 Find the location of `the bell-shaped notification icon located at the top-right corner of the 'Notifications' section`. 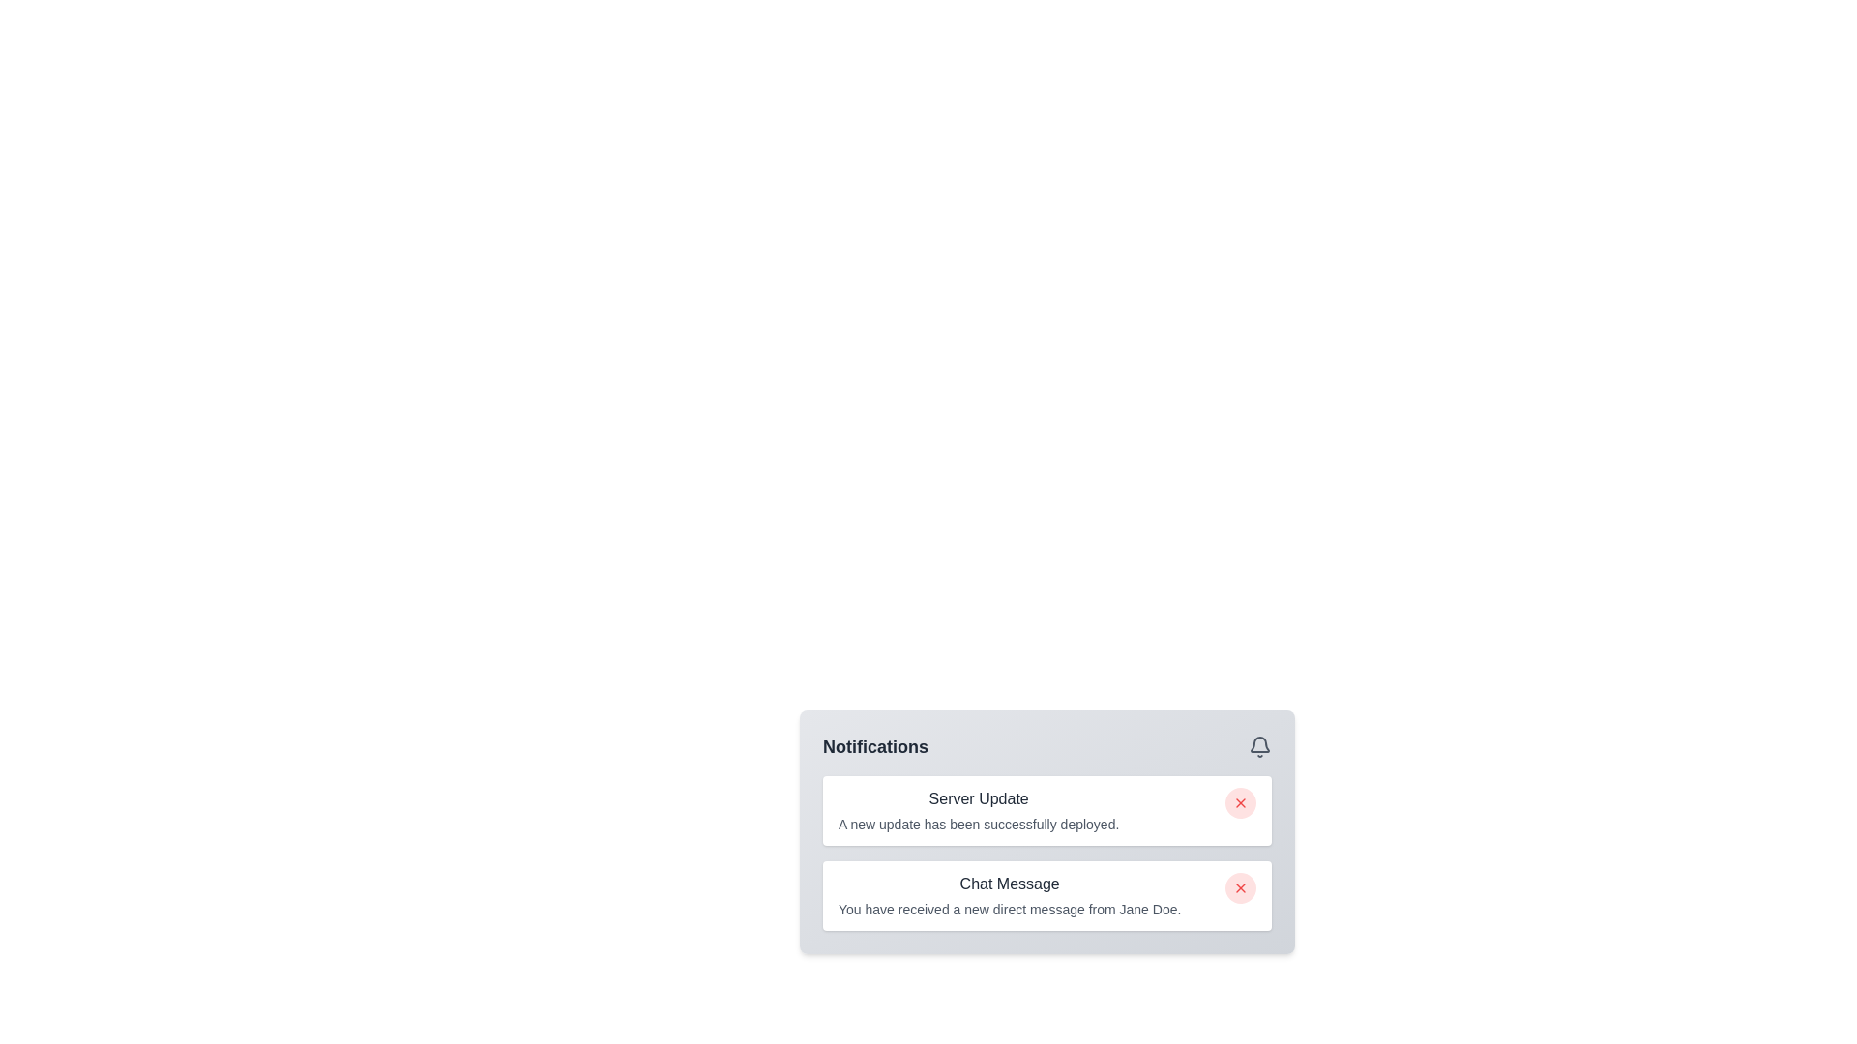

the bell-shaped notification icon located at the top-right corner of the 'Notifications' section is located at coordinates (1259, 745).